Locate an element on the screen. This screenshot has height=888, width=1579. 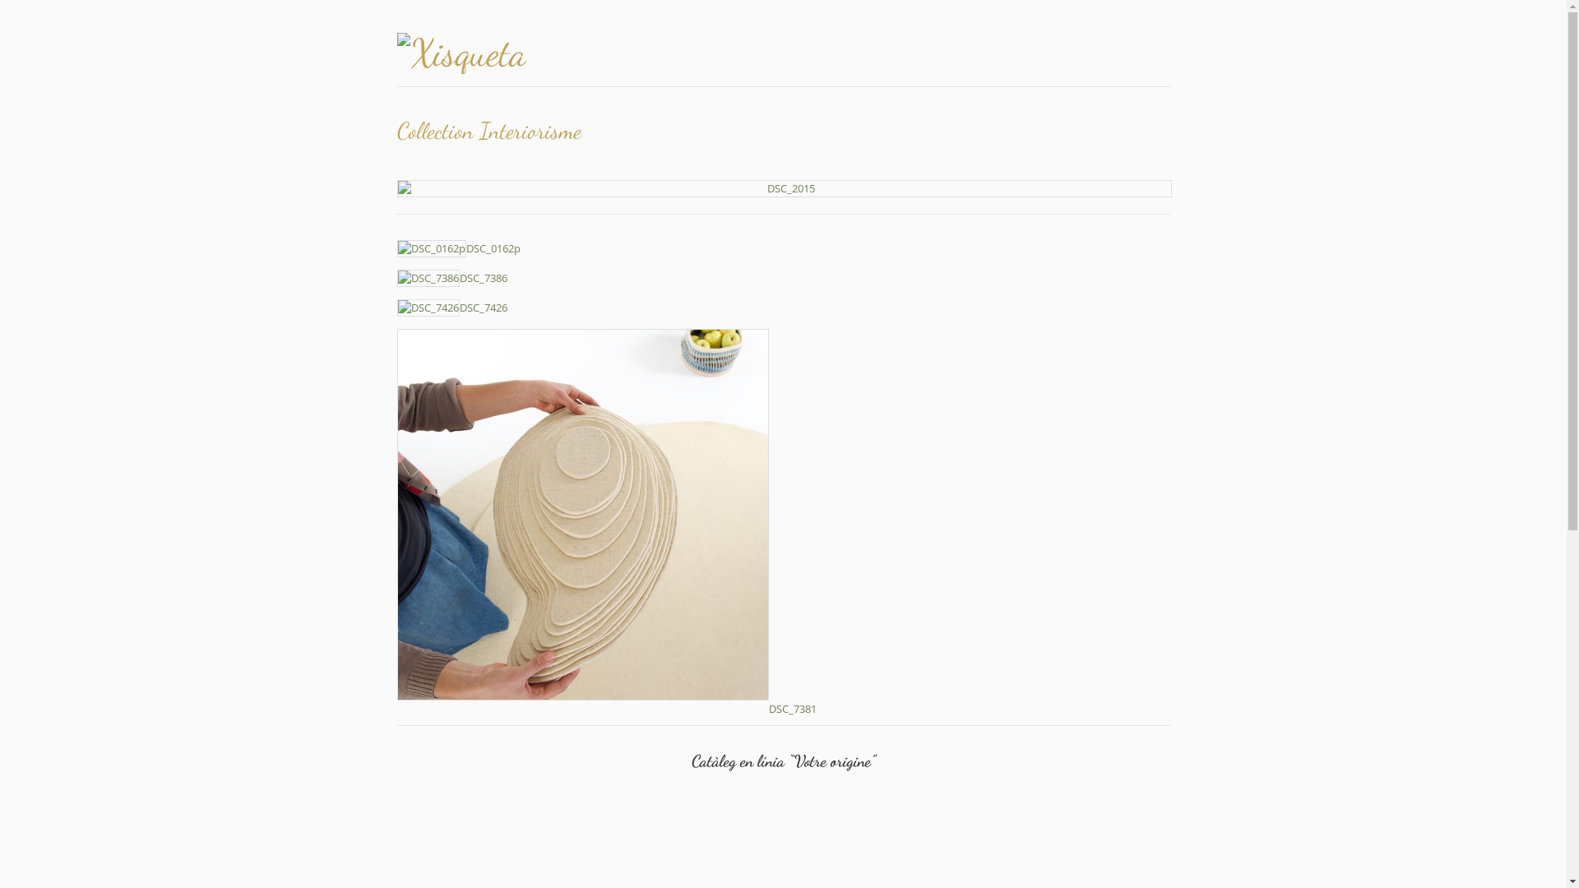
'DSC_7426' is located at coordinates (451, 308).